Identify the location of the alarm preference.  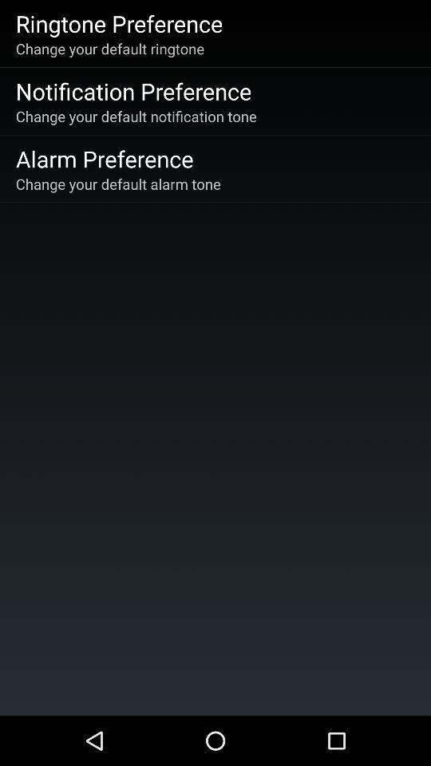
(105, 158).